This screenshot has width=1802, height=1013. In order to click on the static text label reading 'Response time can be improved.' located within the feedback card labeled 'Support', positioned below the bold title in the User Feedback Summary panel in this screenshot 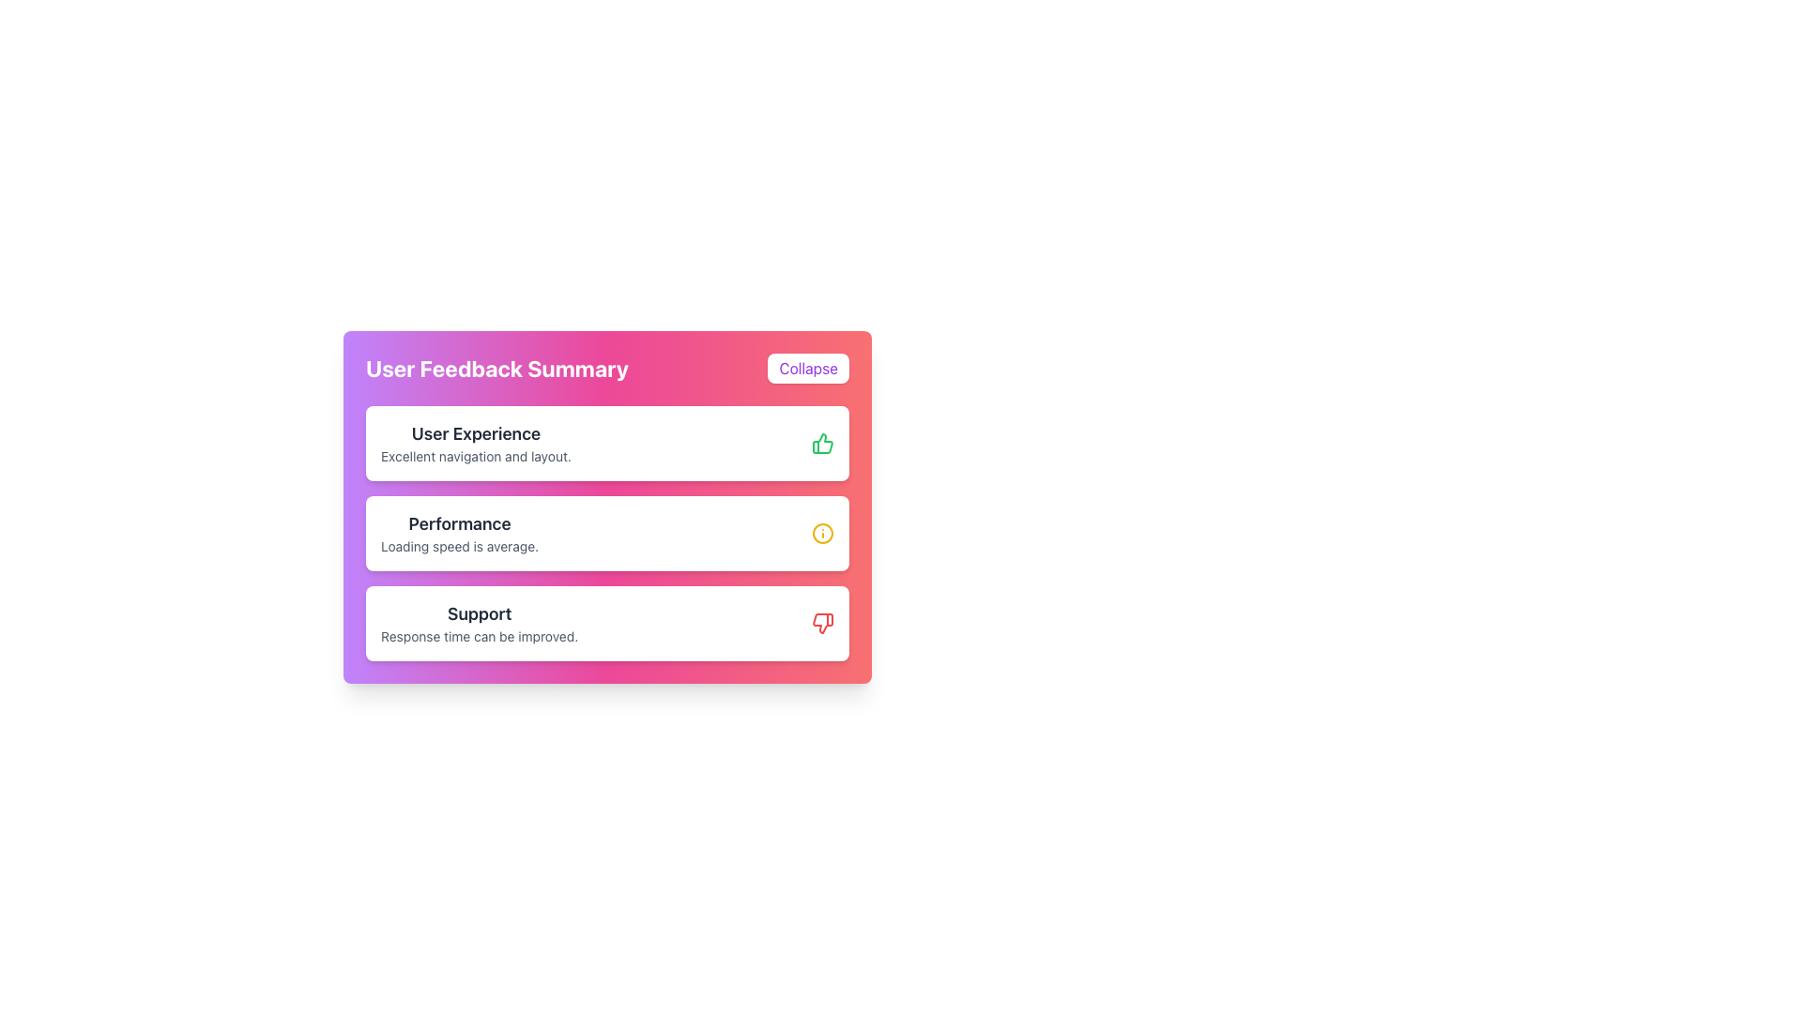, I will do `click(480, 635)`.